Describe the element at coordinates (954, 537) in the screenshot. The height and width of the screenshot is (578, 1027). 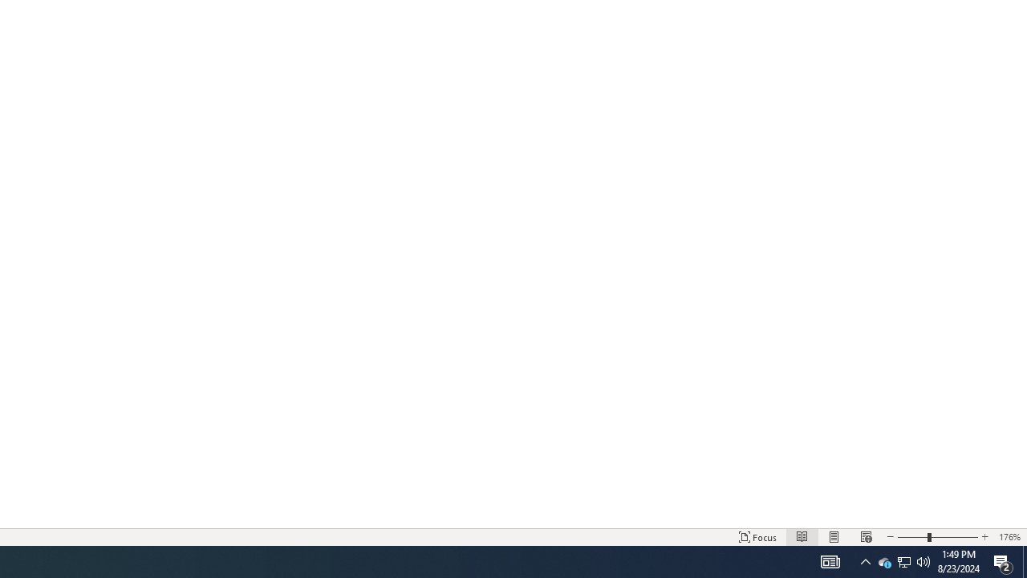
I see `'Zoom In'` at that location.